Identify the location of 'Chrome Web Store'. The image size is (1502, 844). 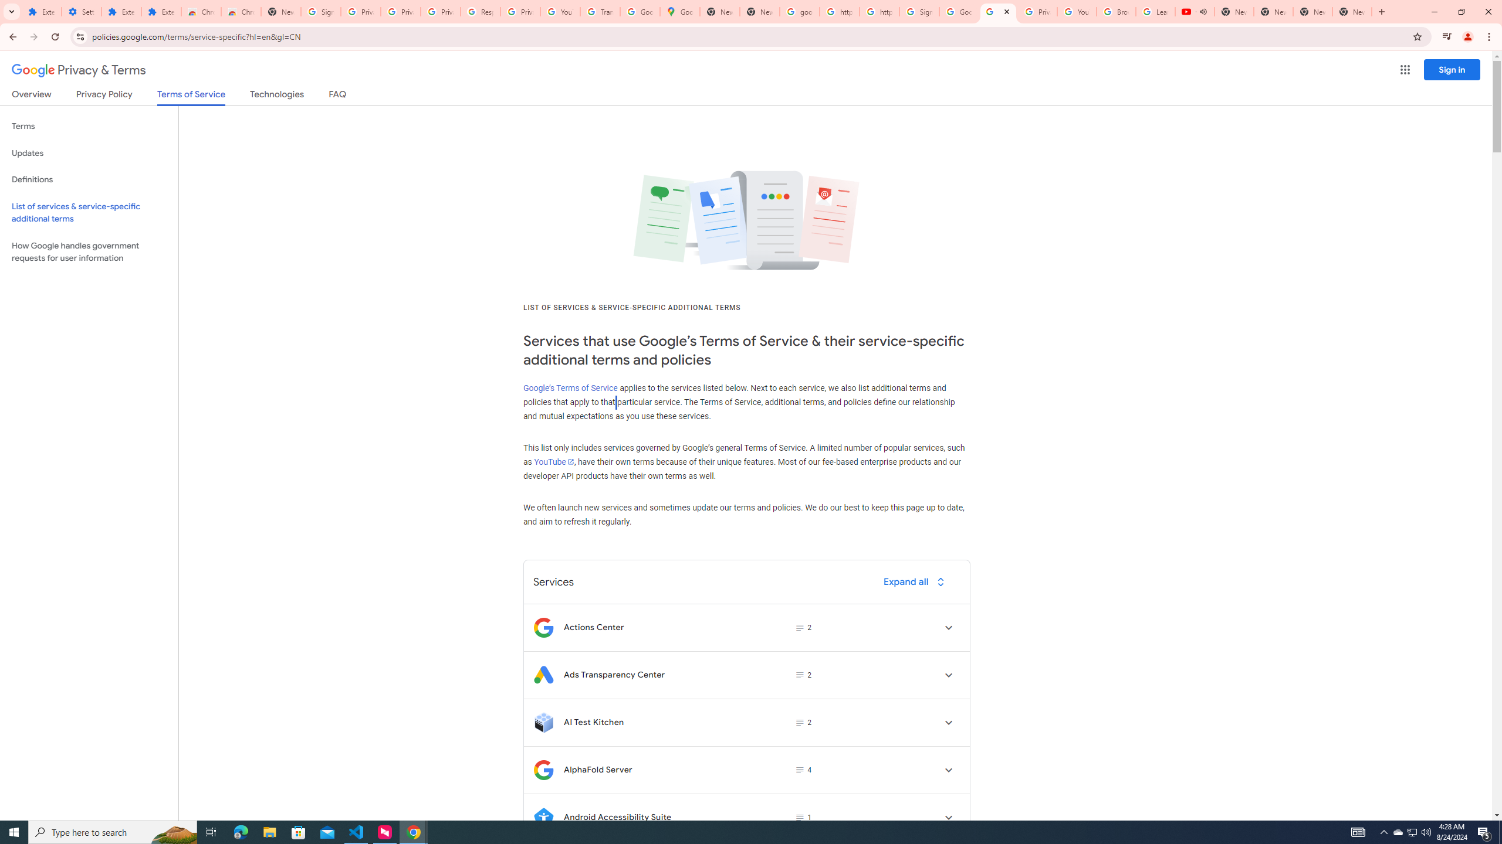
(201, 11).